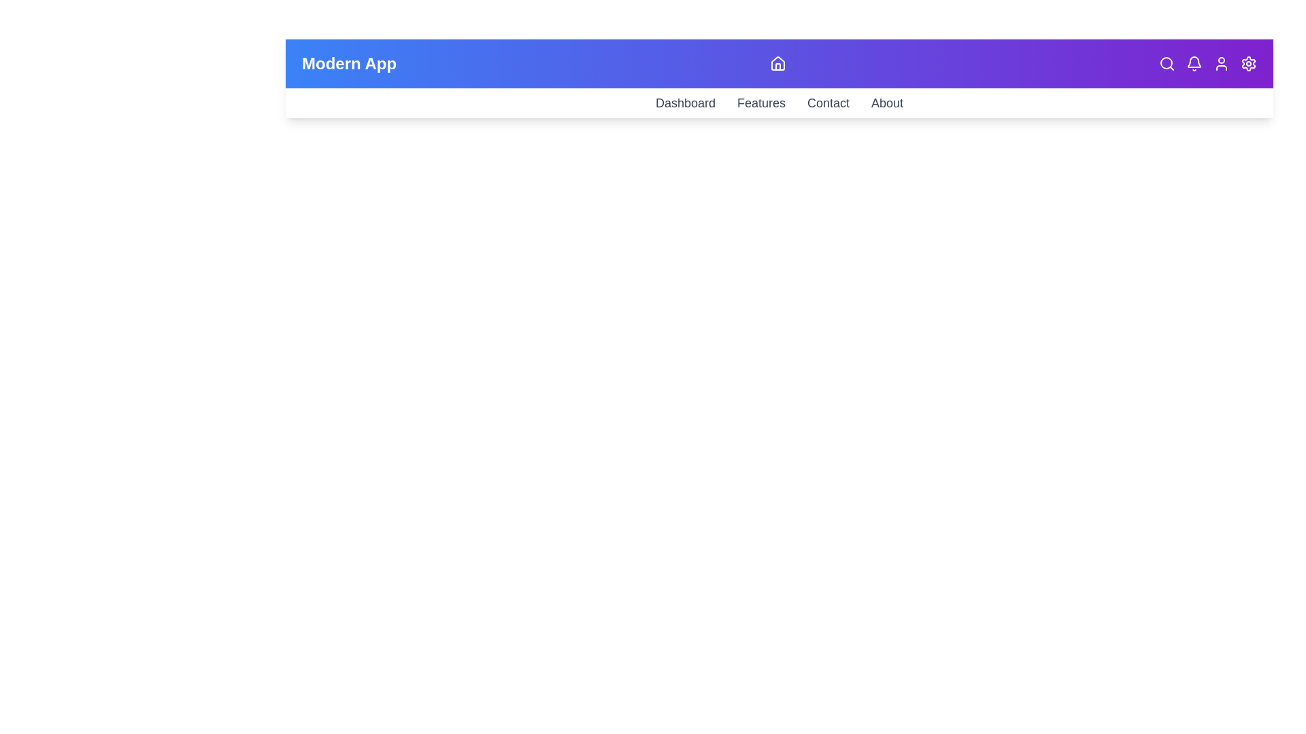 The width and height of the screenshot is (1306, 734). I want to click on home button to toggle the menu visibility, so click(777, 63).